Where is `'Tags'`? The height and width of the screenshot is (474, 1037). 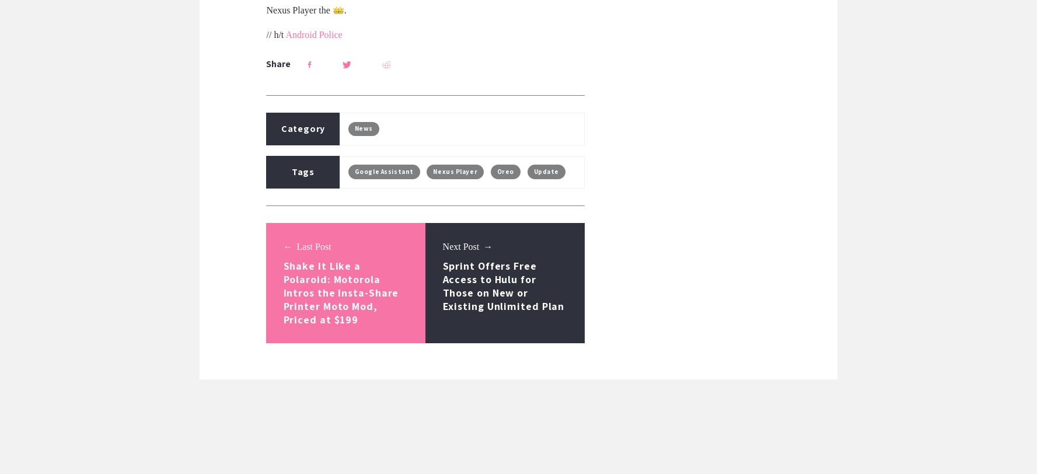
'Tags' is located at coordinates (291, 171).